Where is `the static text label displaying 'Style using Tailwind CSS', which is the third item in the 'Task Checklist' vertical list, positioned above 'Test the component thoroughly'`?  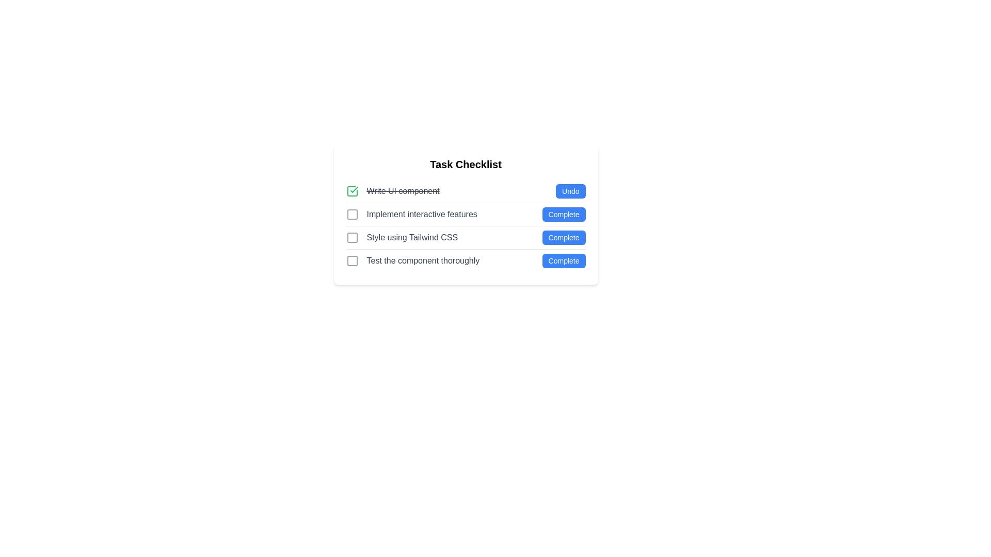
the static text label displaying 'Style using Tailwind CSS', which is the third item in the 'Task Checklist' vertical list, positioned above 'Test the component thoroughly' is located at coordinates (411, 238).